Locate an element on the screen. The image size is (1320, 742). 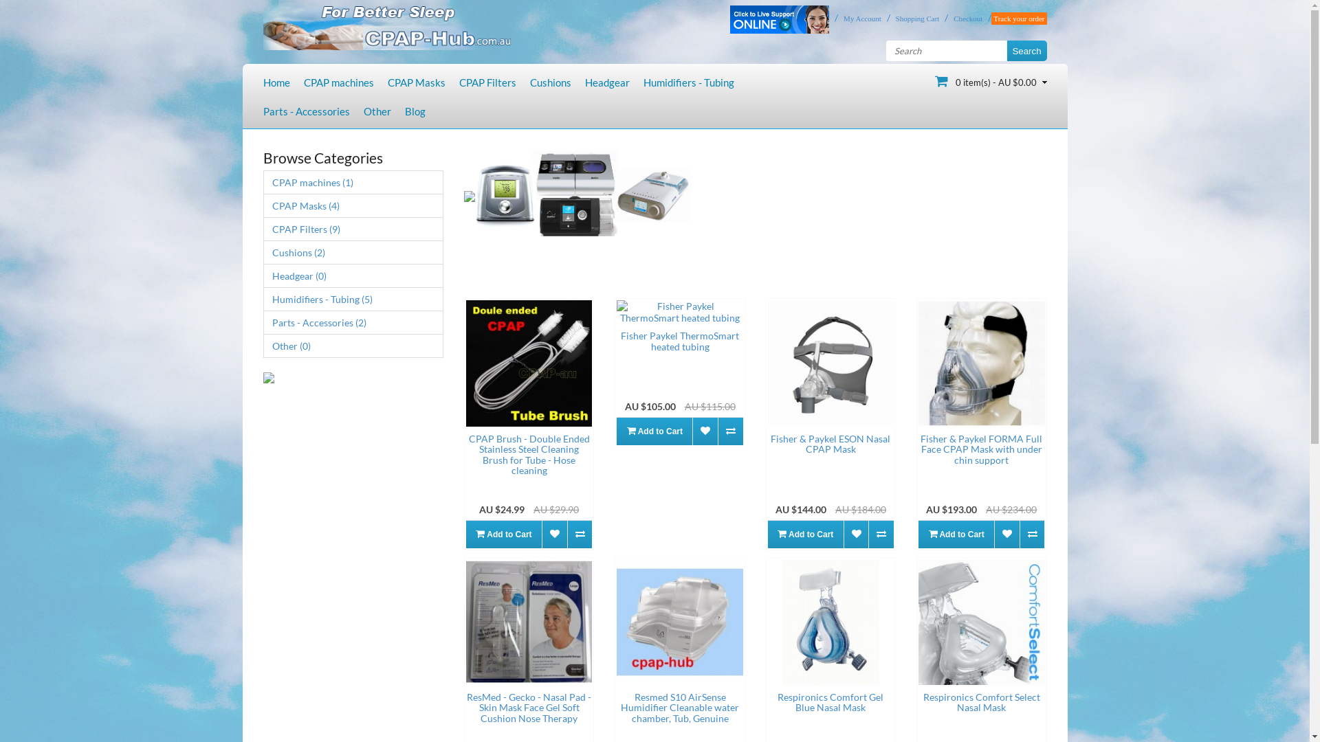
'Parts - Accessories (2)' is located at coordinates (353, 322).